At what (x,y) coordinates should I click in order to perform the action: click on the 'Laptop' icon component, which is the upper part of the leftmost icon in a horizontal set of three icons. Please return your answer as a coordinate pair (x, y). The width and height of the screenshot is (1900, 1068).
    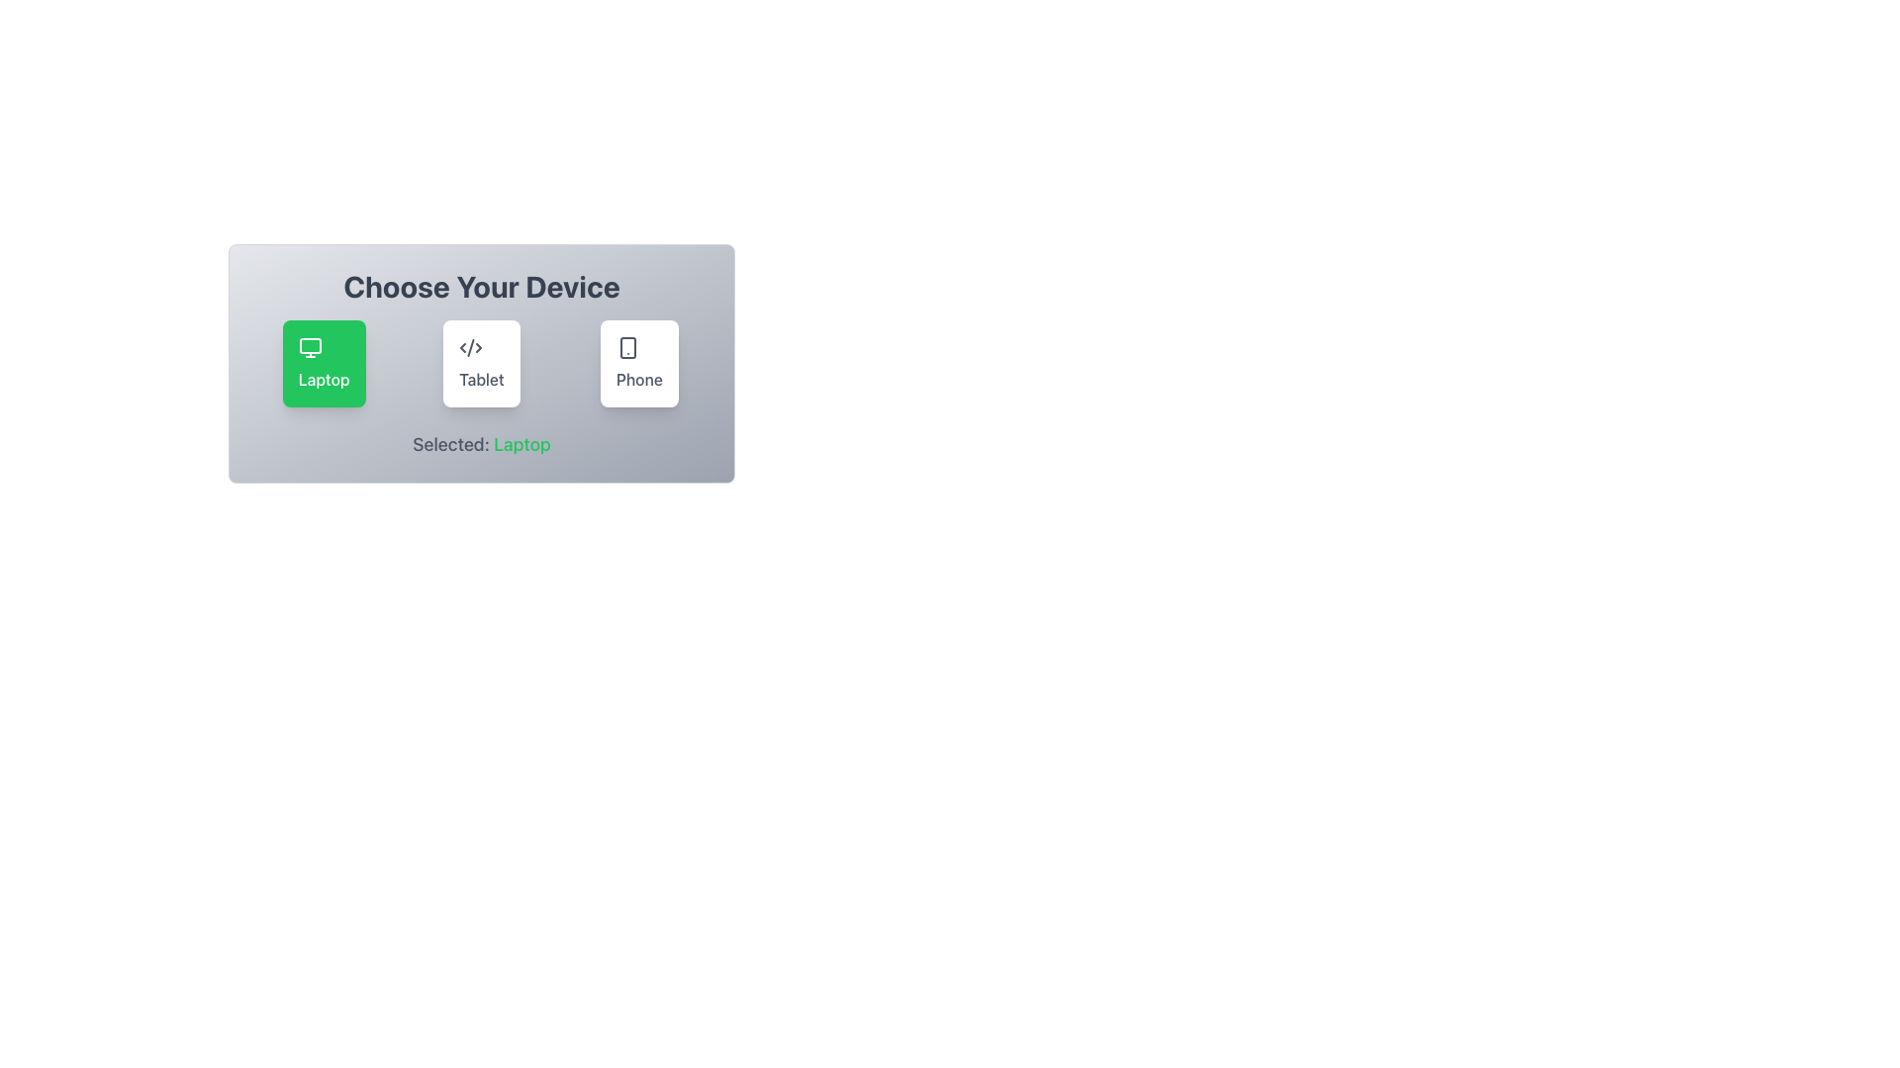
    Looking at the image, I should click on (309, 345).